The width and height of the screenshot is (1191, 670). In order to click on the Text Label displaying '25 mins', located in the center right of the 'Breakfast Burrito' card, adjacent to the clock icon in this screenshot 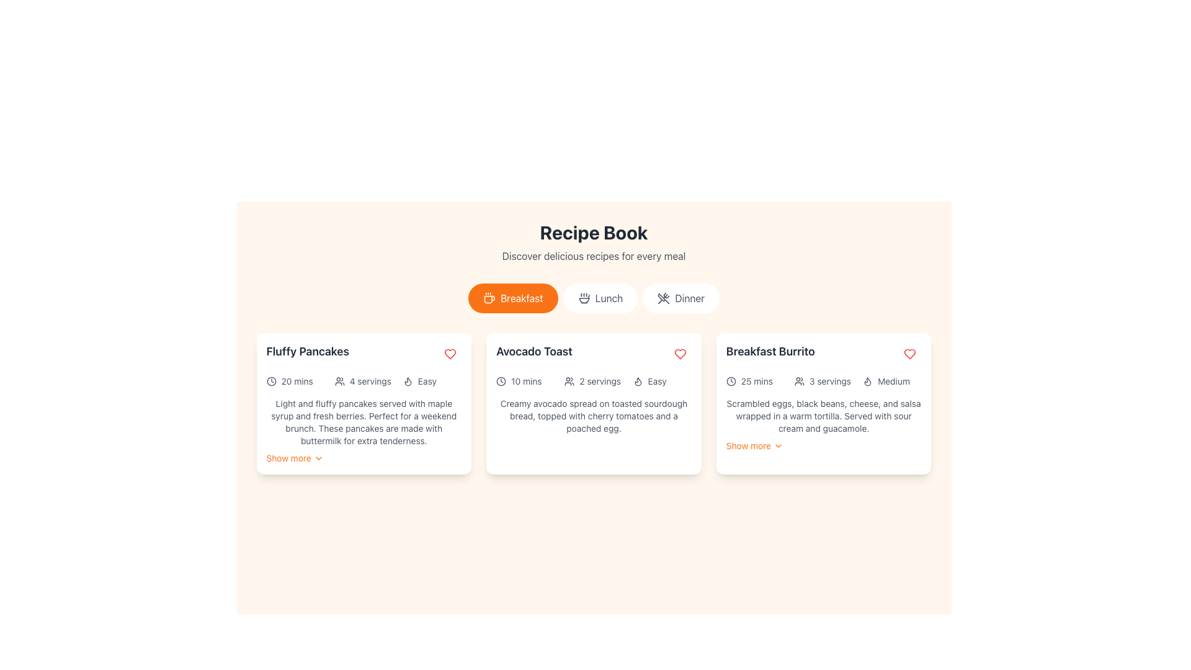, I will do `click(756, 380)`.